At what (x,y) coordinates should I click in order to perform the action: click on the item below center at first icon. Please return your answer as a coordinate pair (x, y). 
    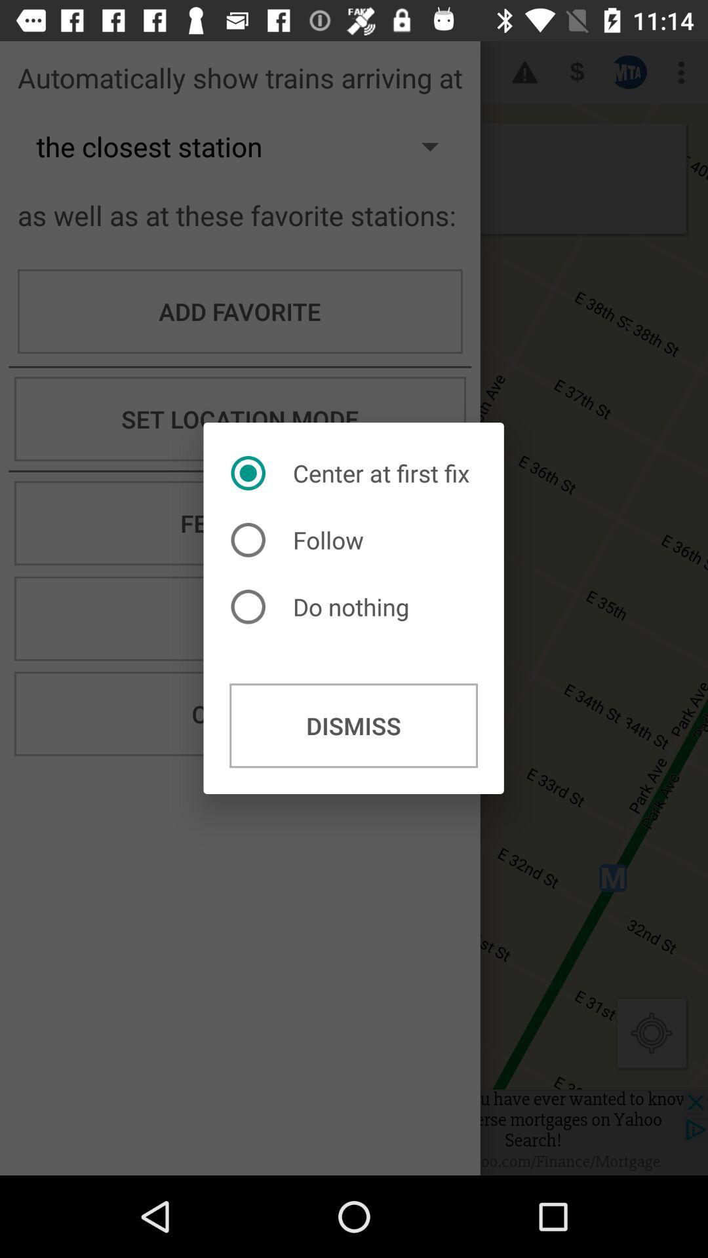
    Looking at the image, I should click on (301, 540).